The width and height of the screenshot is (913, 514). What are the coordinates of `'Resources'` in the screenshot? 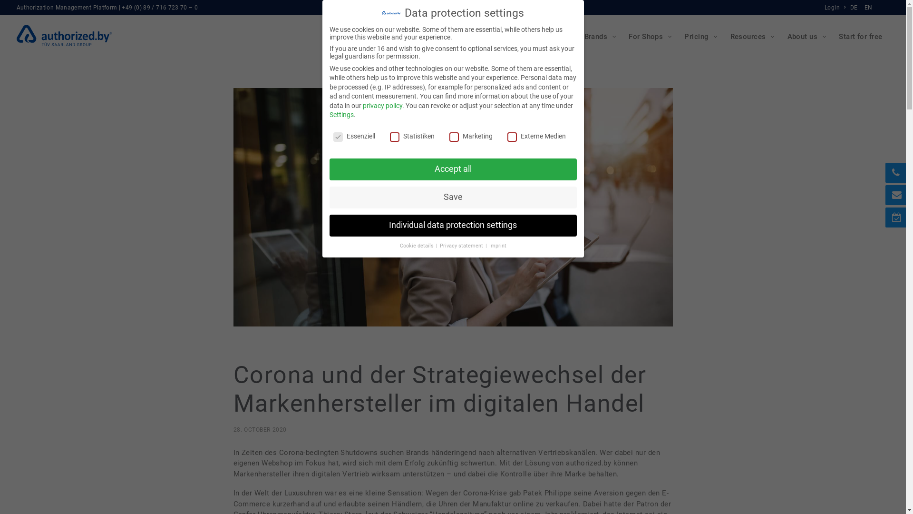 It's located at (751, 36).